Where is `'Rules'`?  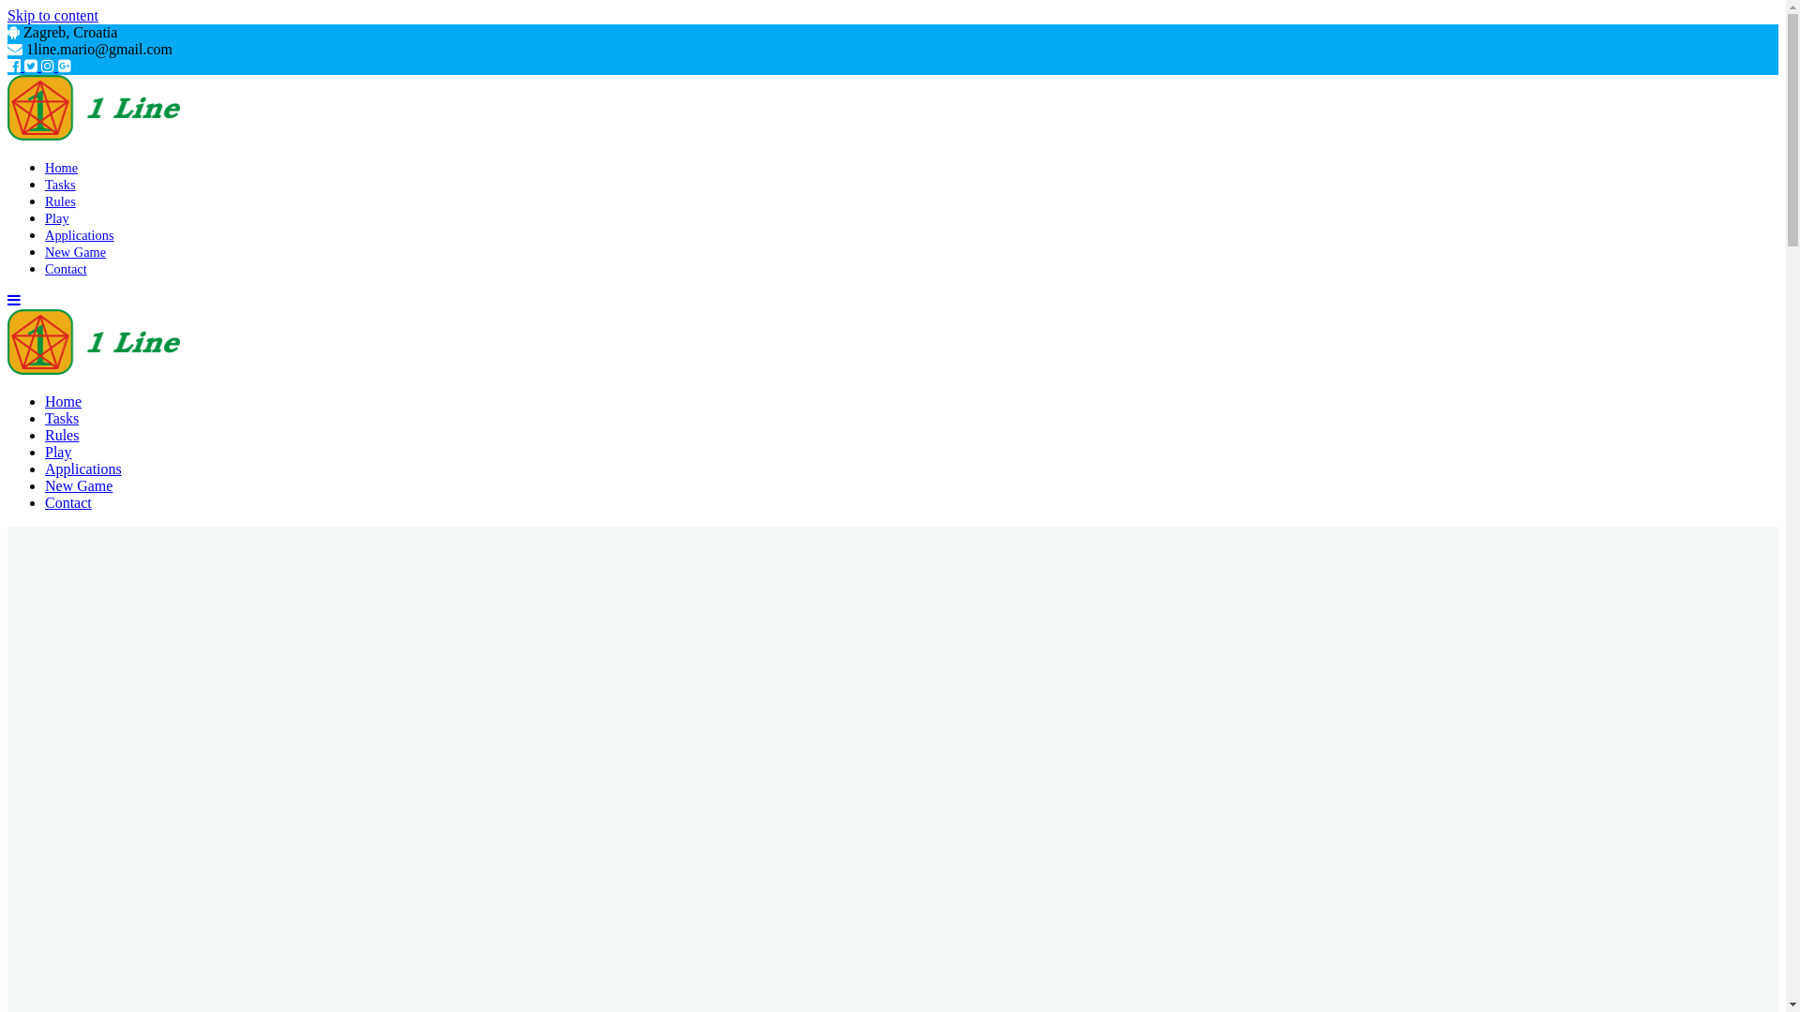 'Rules' is located at coordinates (60, 201).